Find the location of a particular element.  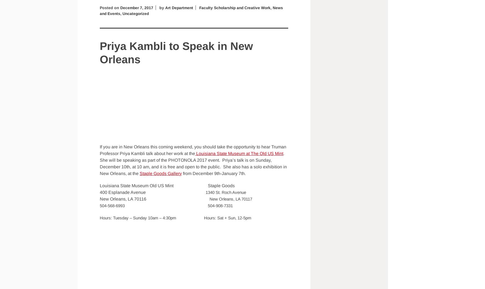

'Uncategorized' is located at coordinates (137, 13).